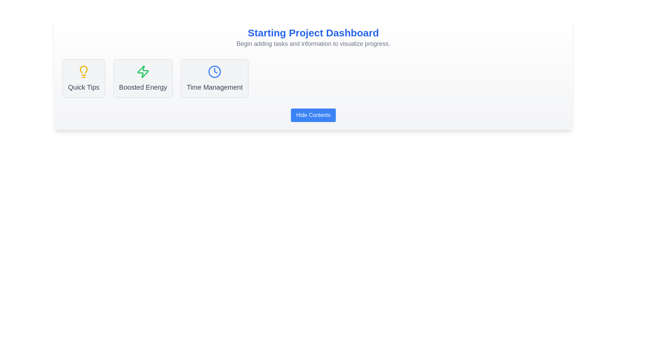 Image resolution: width=648 pixels, height=364 pixels. Describe the element at coordinates (313, 37) in the screenshot. I see `the centered text block containing the heading 'Starting Project Dashboard' and subtext 'Begin adding tasks and information to visualize progress'` at that location.